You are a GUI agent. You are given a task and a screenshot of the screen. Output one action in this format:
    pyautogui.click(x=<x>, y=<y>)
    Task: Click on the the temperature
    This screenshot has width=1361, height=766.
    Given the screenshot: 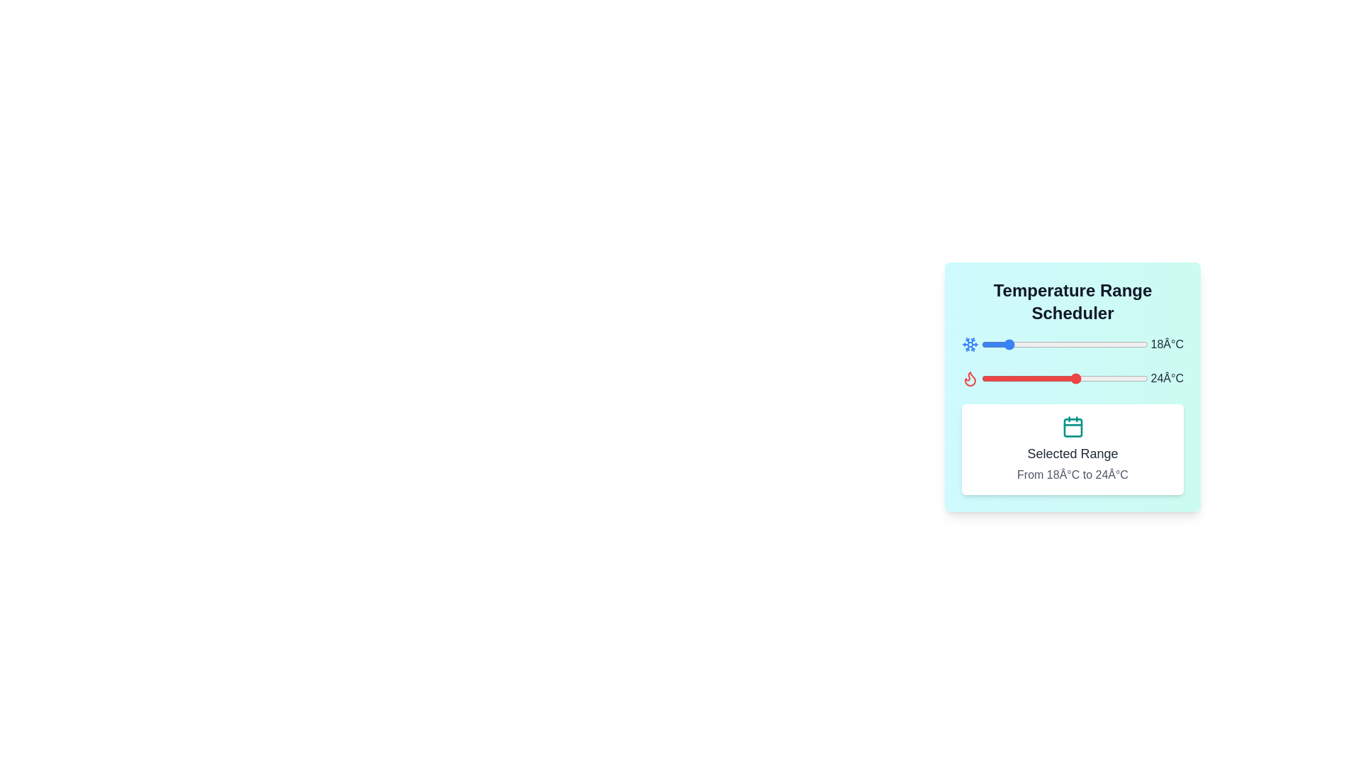 What is the action you would take?
    pyautogui.click(x=1041, y=377)
    